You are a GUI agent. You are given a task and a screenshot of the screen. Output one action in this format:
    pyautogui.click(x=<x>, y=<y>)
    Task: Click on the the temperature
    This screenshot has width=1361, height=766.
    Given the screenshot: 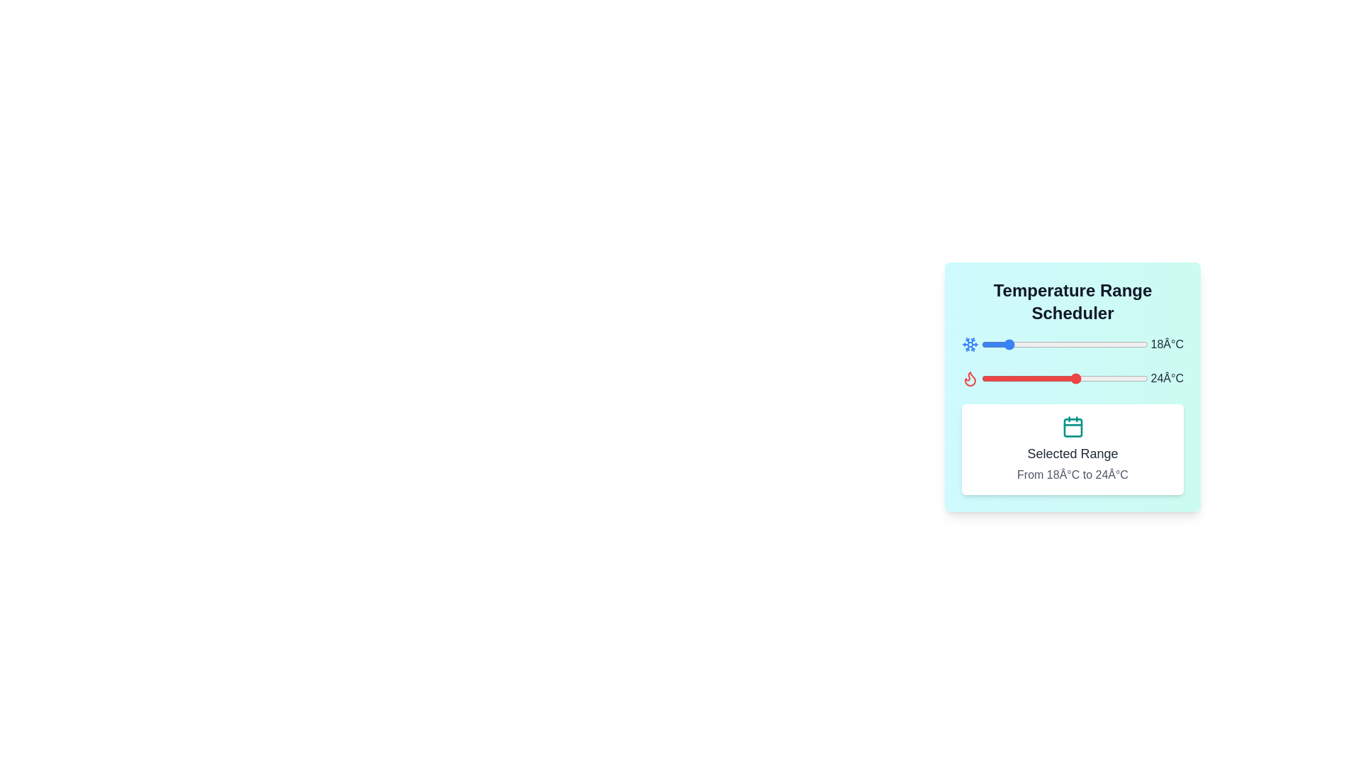 What is the action you would take?
    pyautogui.click(x=1041, y=377)
    